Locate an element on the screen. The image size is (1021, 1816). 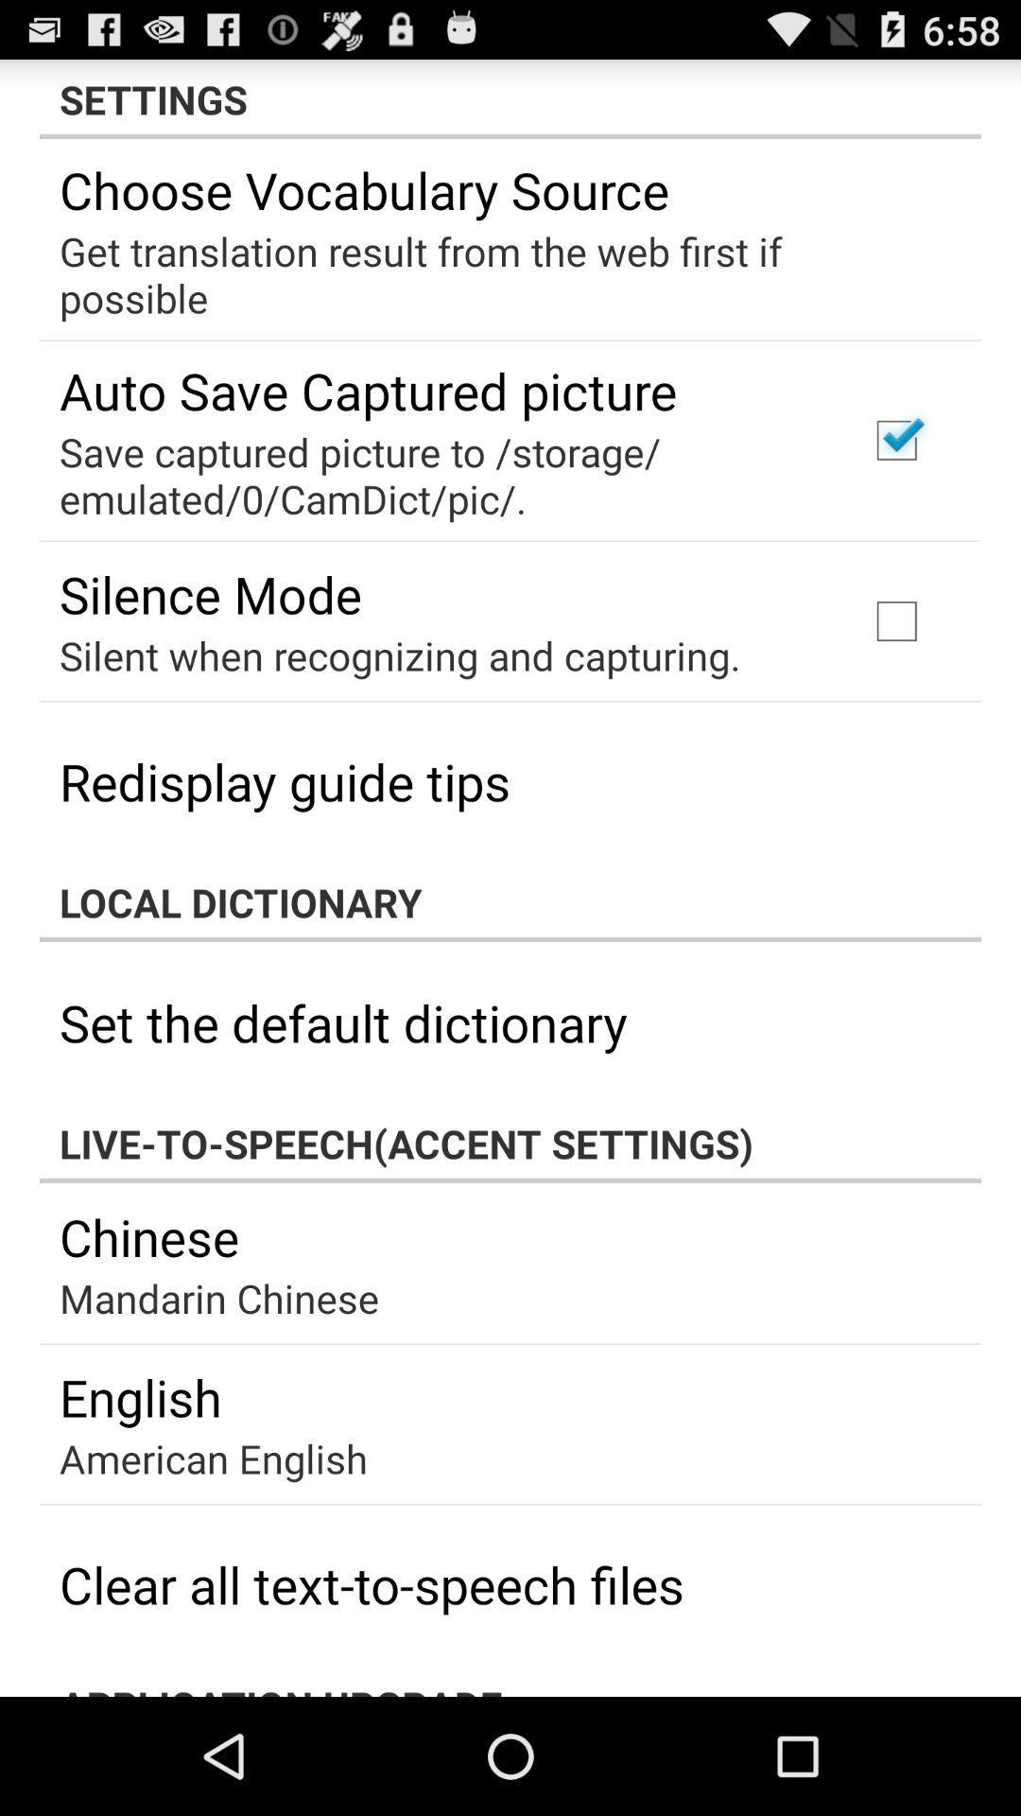
set the default app is located at coordinates (343, 1021).